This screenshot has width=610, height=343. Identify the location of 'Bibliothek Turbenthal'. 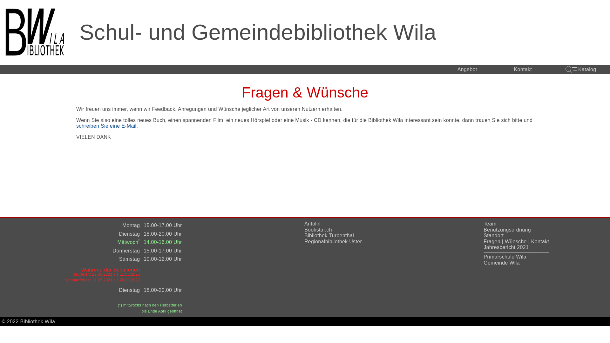
(329, 235).